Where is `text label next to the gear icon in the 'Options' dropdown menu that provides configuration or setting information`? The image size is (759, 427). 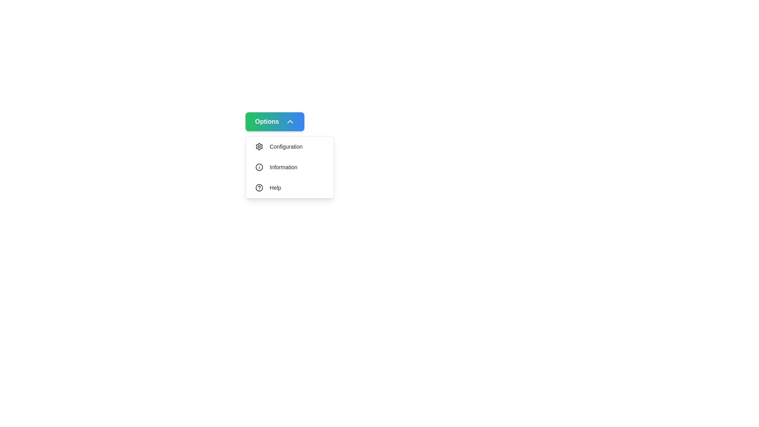 text label next to the gear icon in the 'Options' dropdown menu that provides configuration or setting information is located at coordinates (285, 146).